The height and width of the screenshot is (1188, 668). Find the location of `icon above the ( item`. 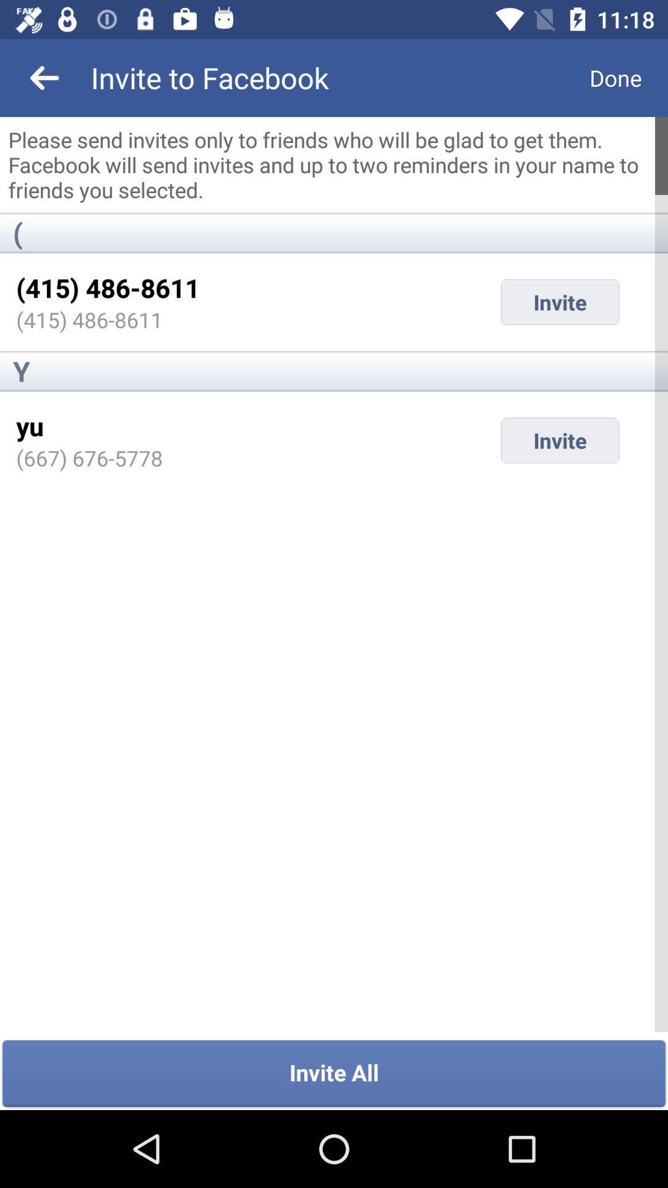

icon above the ( item is located at coordinates (334, 164).